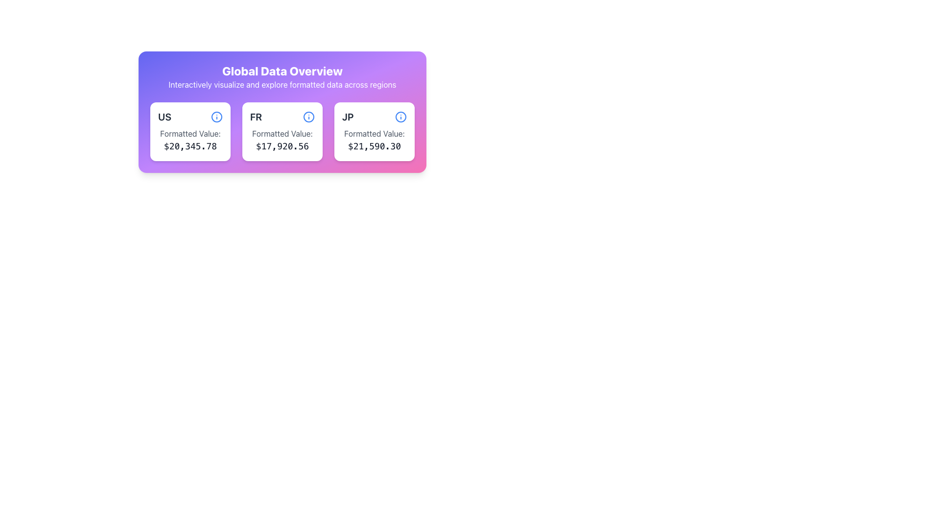  Describe the element at coordinates (374, 146) in the screenshot. I see `monetary value displayed as '$21,590.30' in dark gray text beneath 'Formatted Value:' in the 'JP' card grouping` at that location.